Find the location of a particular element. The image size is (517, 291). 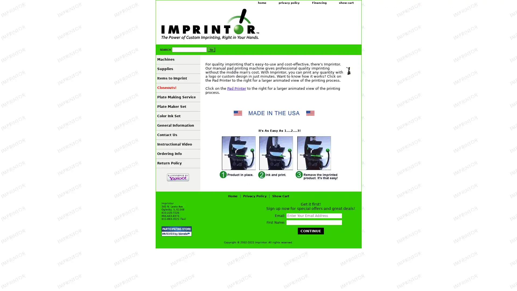

Continue is located at coordinates (310, 231).